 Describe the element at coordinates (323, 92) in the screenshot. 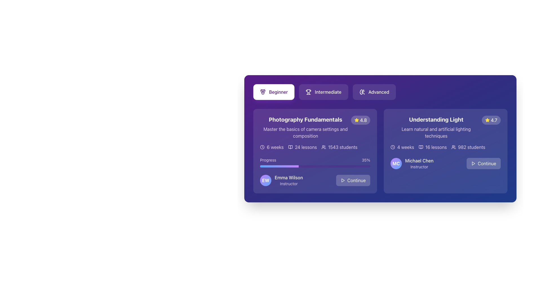

I see `the 'Intermediate' button, which has a purple background, white text, and a trophy icon` at that location.